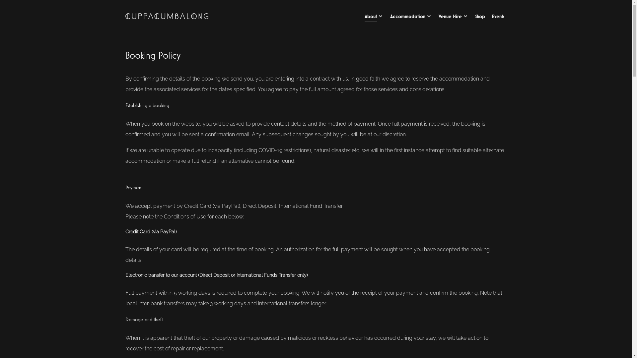 The height and width of the screenshot is (358, 637). Describe the element at coordinates (492, 16) in the screenshot. I see `'Events'` at that location.